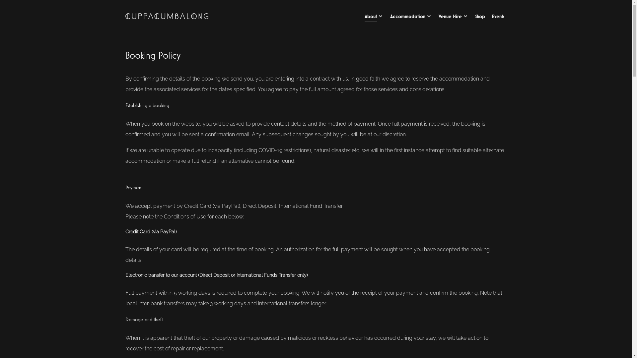 The height and width of the screenshot is (358, 637). Describe the element at coordinates (492, 16) in the screenshot. I see `'Events'` at that location.